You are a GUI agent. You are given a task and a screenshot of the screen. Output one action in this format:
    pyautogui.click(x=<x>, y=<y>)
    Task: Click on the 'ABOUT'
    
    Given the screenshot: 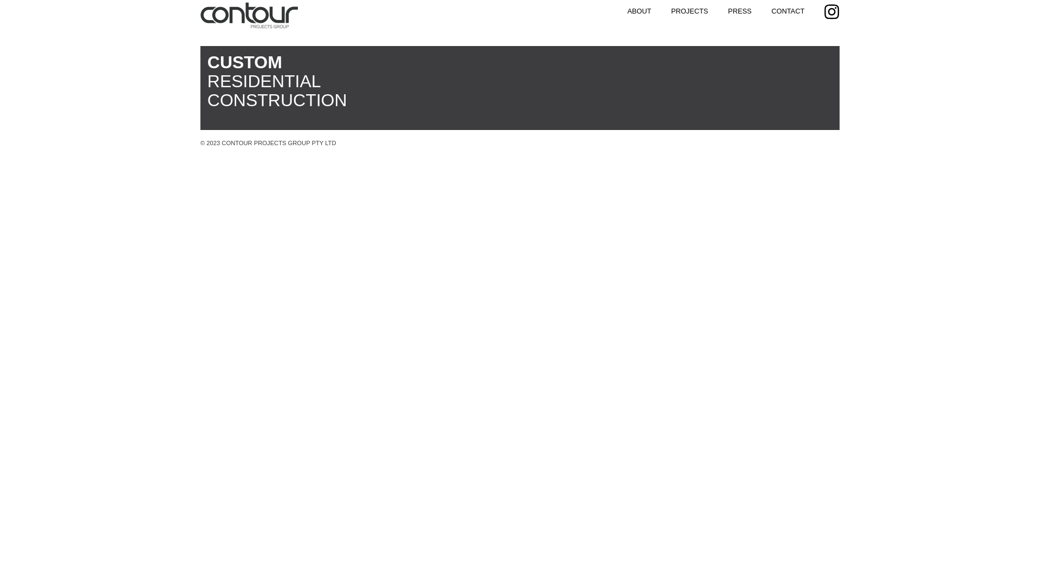 What is the action you would take?
    pyautogui.click(x=627, y=11)
    